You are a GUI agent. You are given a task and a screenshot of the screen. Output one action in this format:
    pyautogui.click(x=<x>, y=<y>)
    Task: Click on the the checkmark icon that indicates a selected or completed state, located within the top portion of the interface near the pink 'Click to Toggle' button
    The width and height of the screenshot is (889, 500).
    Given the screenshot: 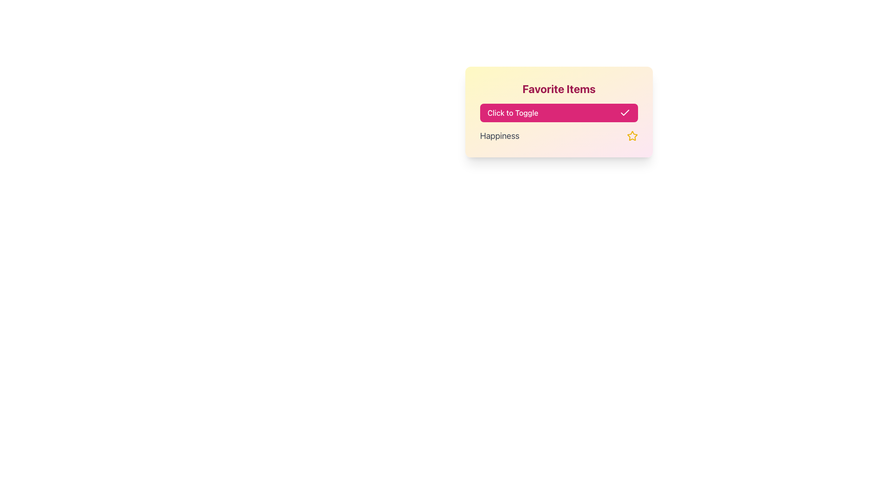 What is the action you would take?
    pyautogui.click(x=625, y=112)
    